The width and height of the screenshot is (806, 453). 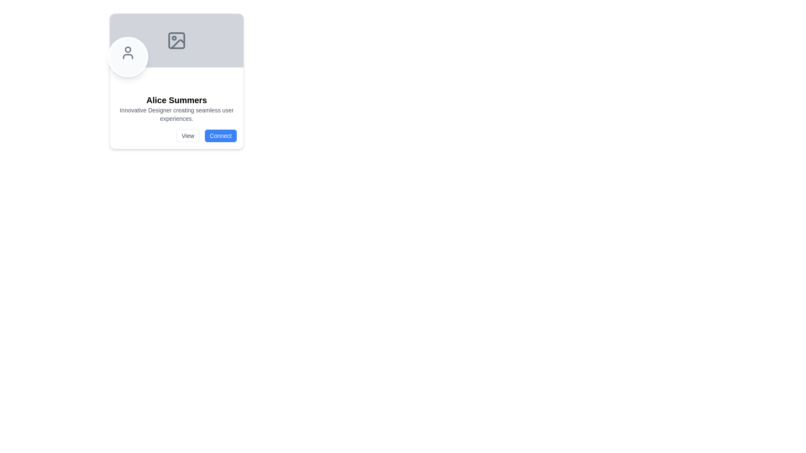 What do you see at coordinates (128, 57) in the screenshot?
I see `the circular avatar placeholder with a white background and gray border, located above the text 'Alice Summers'` at bounding box center [128, 57].